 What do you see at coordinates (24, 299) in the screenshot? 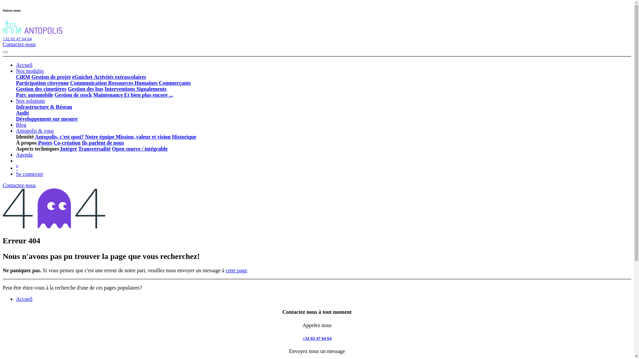
I see `'Accueil'` at bounding box center [24, 299].